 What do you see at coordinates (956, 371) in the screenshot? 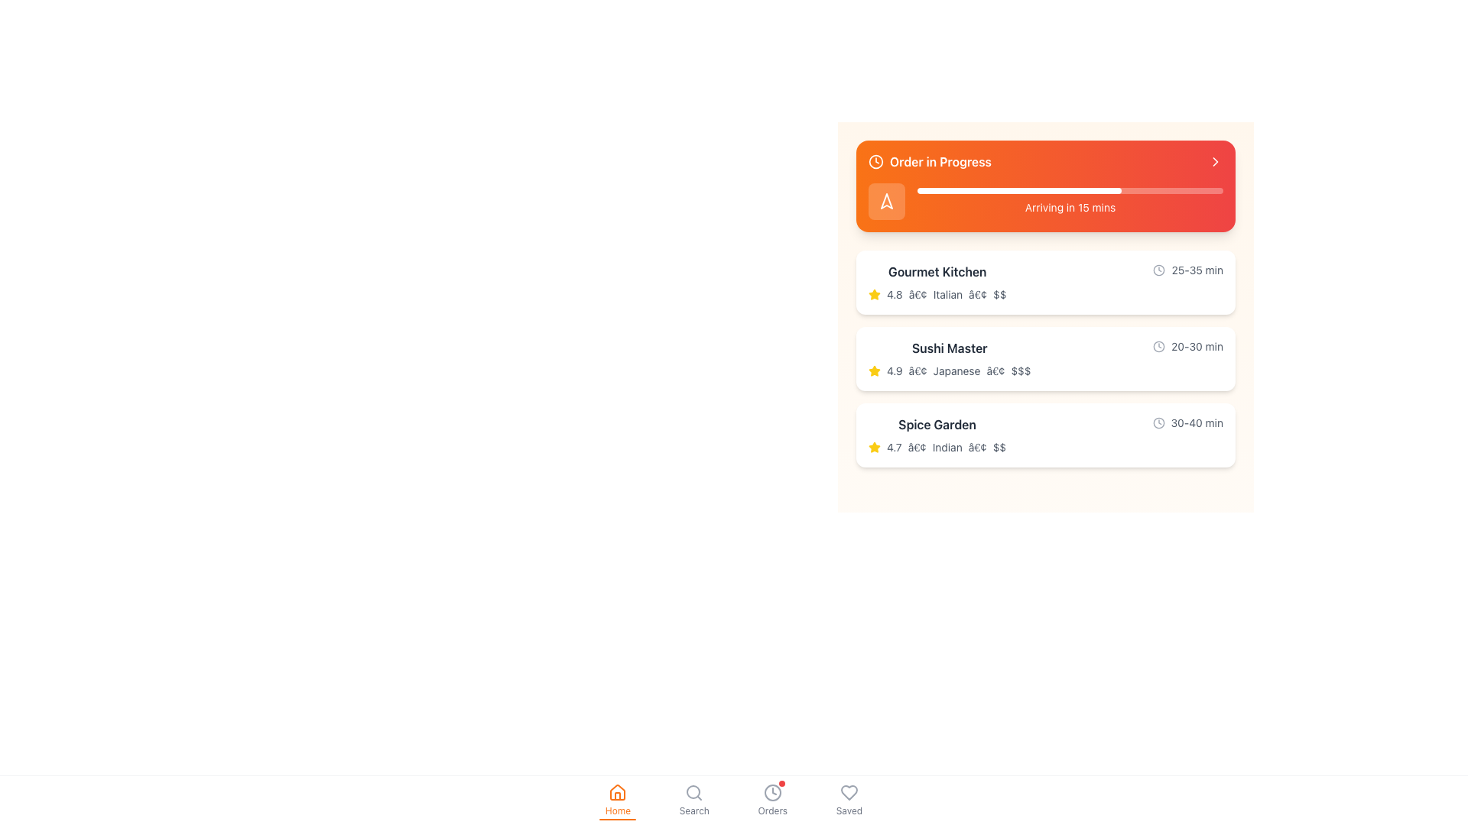
I see `text label 'Japanese' which is styled in gray within the second card of the restaurant list section` at bounding box center [956, 371].